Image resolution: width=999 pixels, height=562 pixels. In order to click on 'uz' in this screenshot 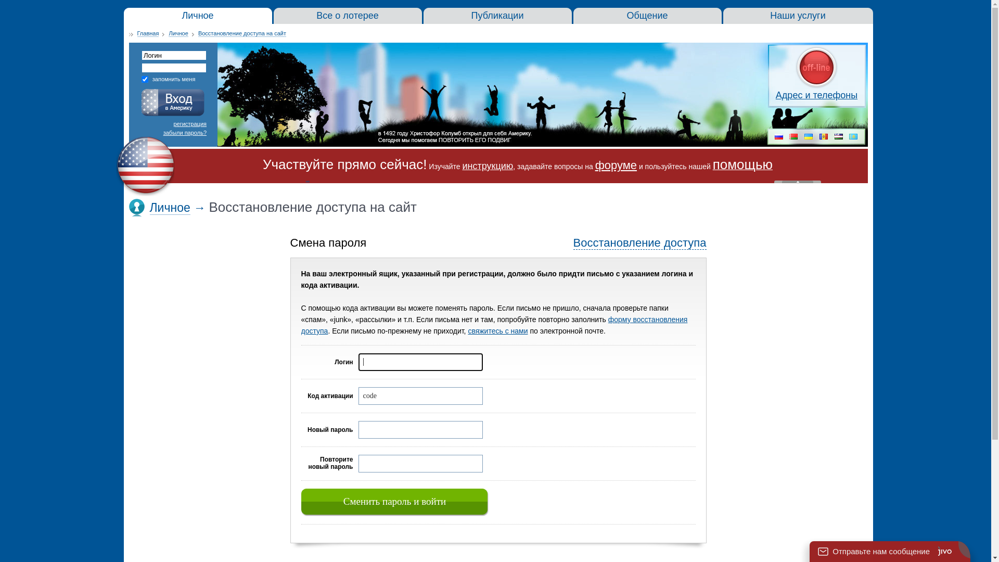, I will do `click(839, 137)`.